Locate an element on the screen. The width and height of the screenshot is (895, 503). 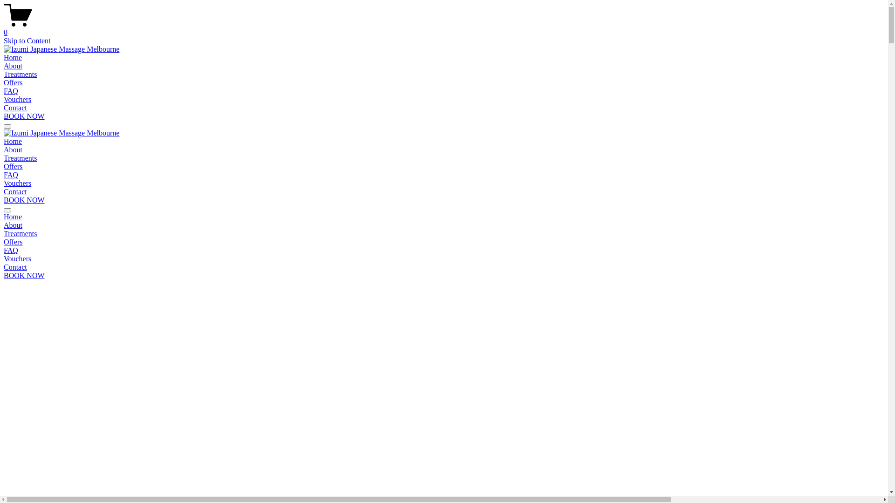
'BOOK NOW' is located at coordinates (24, 199).